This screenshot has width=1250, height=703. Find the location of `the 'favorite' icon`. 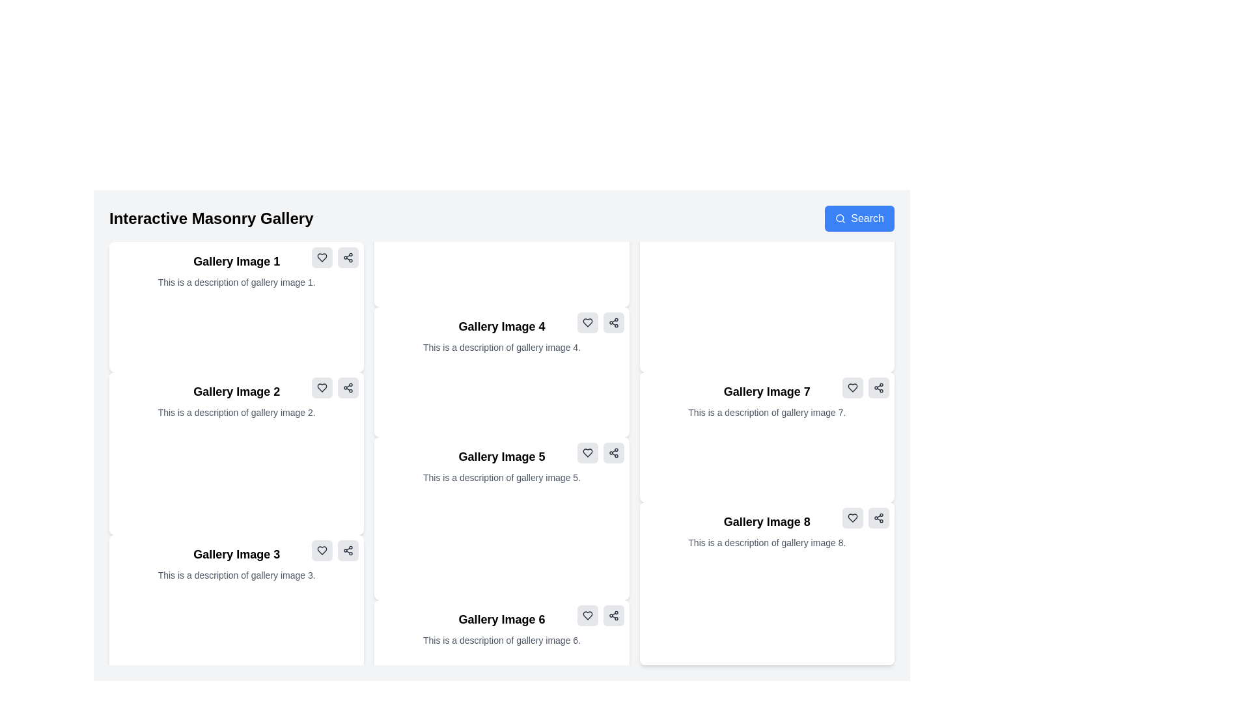

the 'favorite' icon is located at coordinates (322, 550).